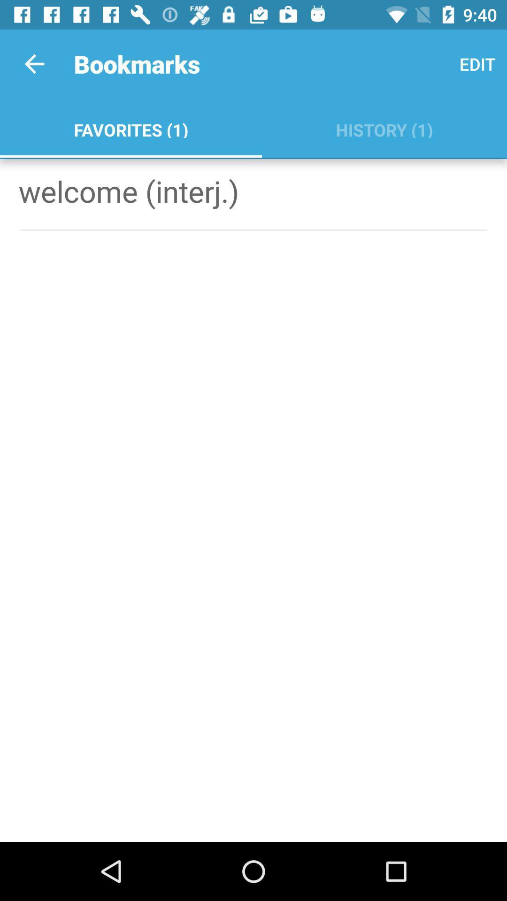 Image resolution: width=507 pixels, height=901 pixels. Describe the element at coordinates (384, 128) in the screenshot. I see `app next to favorites (1) app` at that location.